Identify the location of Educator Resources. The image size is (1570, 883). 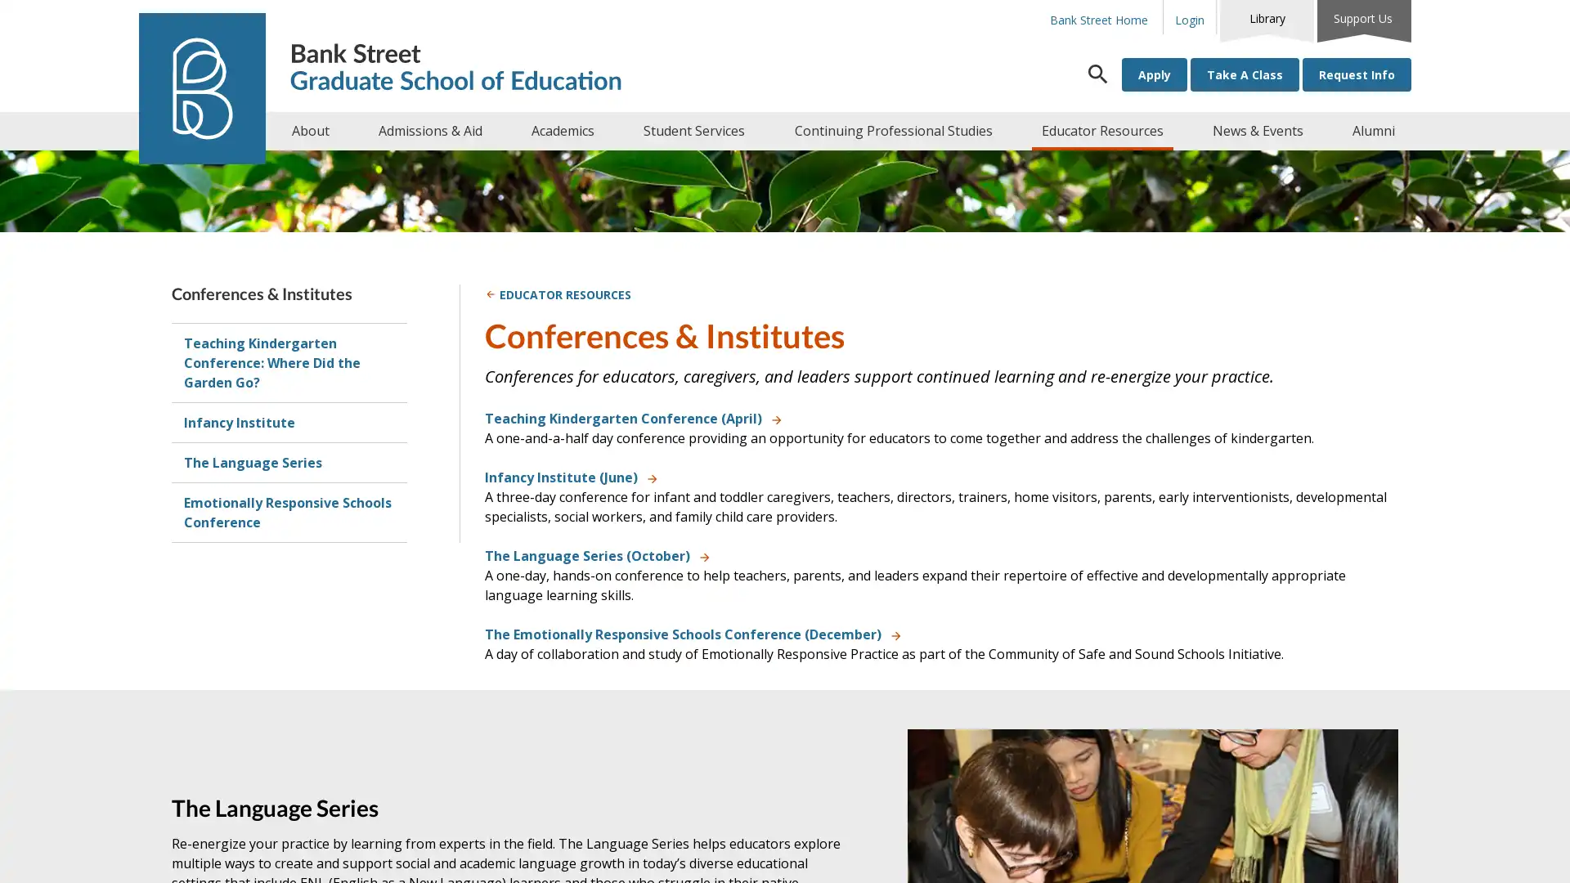
(1101, 130).